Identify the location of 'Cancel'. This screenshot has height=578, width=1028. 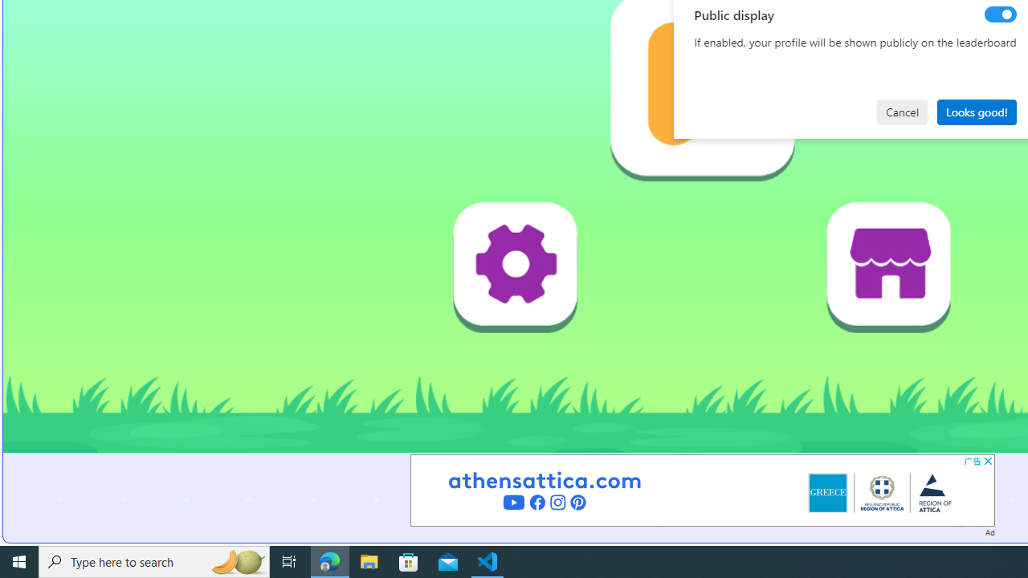
(902, 111).